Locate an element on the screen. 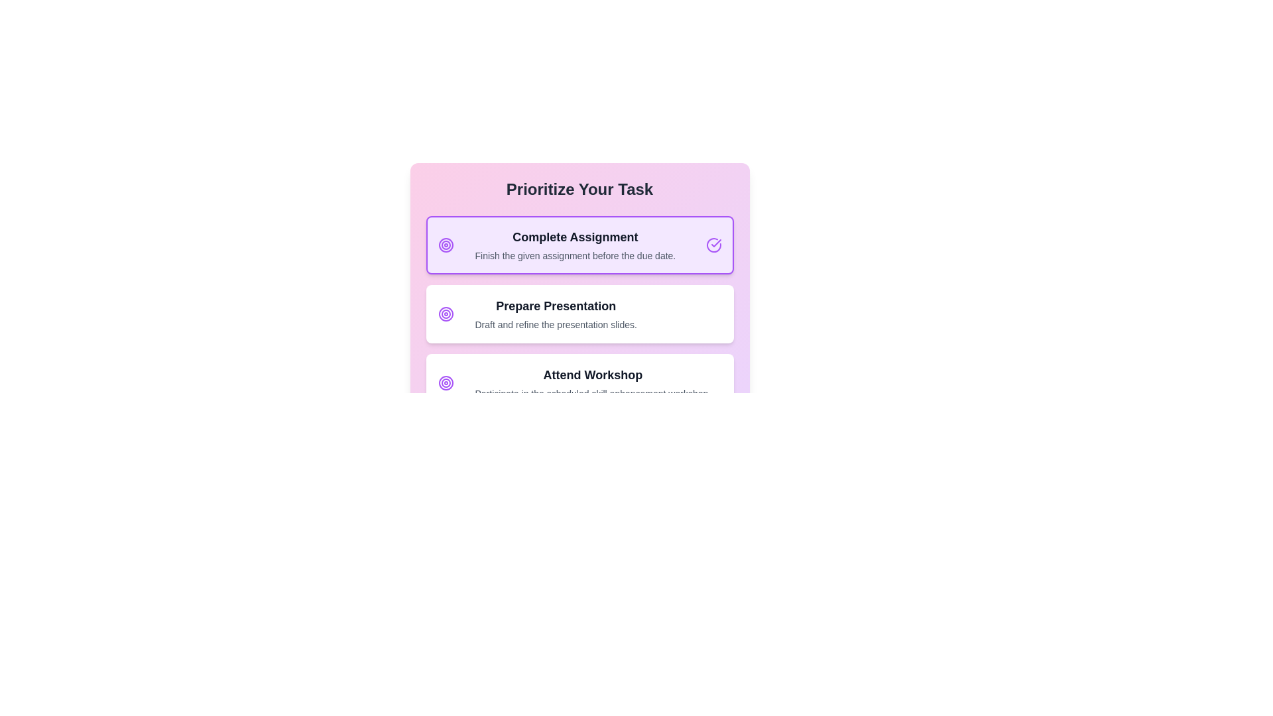 This screenshot has width=1273, height=716. the Text Content Box that displays information about the task 'Complete Assignment' located in the first task card under 'Prioritize Your Task.' is located at coordinates (575, 245).